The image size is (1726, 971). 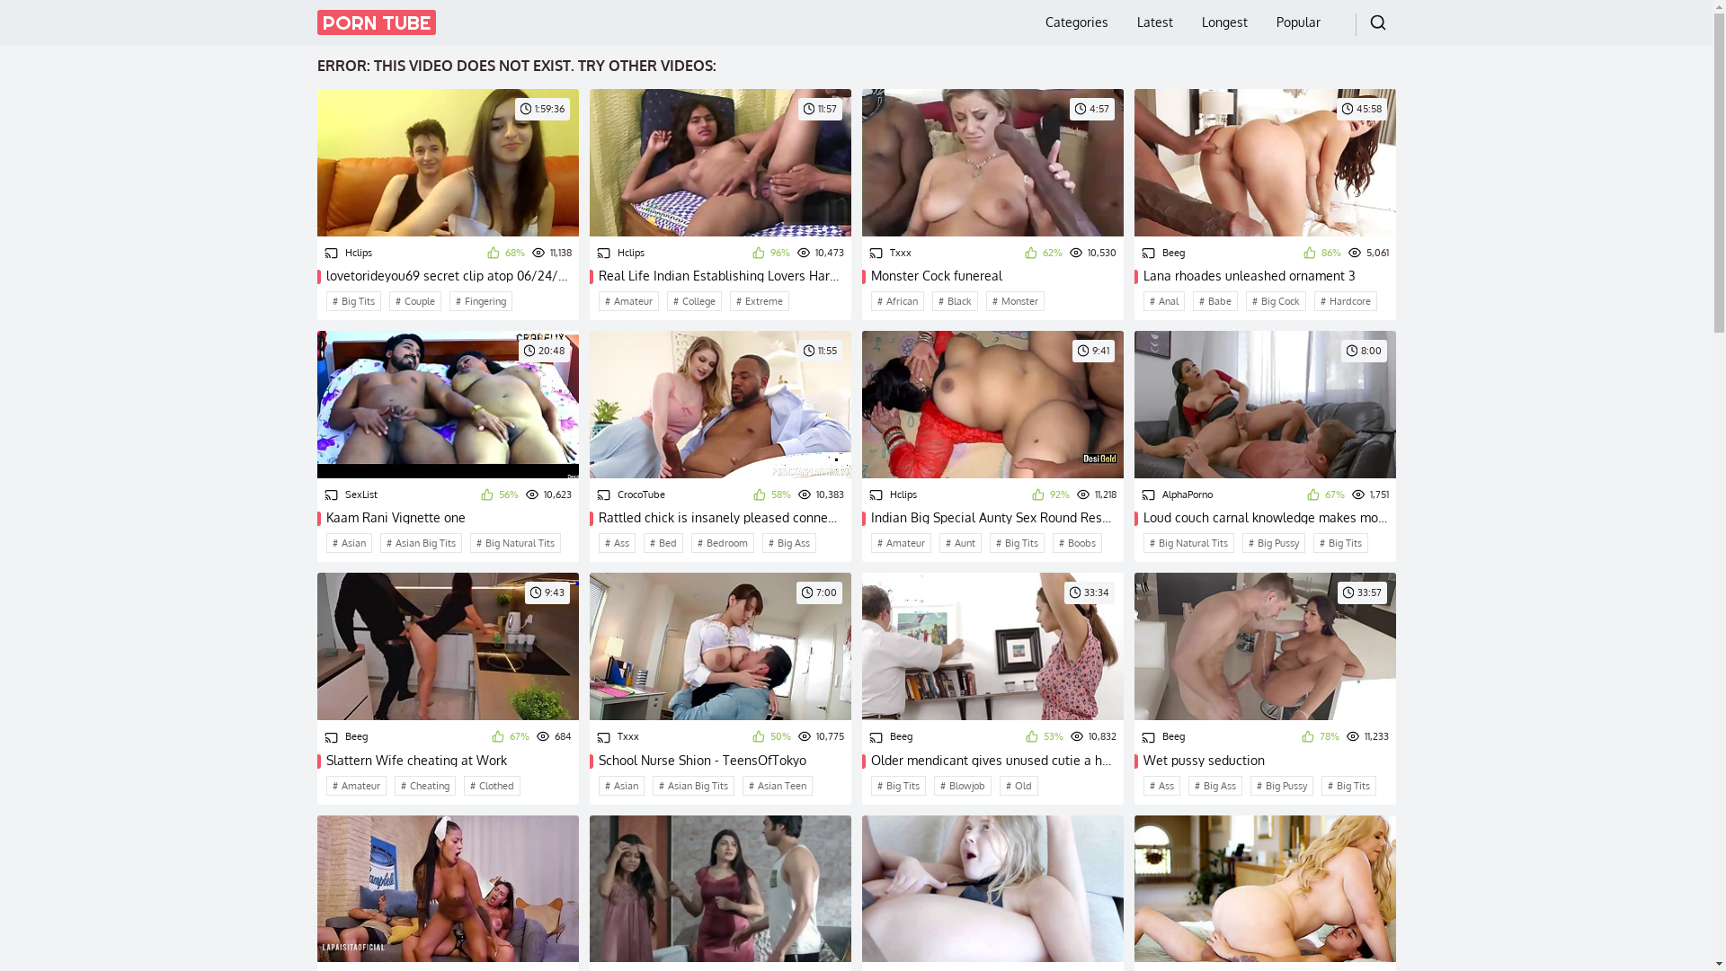 I want to click on 'School Nurse Shion - TeensOfTokyo', so click(x=599, y=760).